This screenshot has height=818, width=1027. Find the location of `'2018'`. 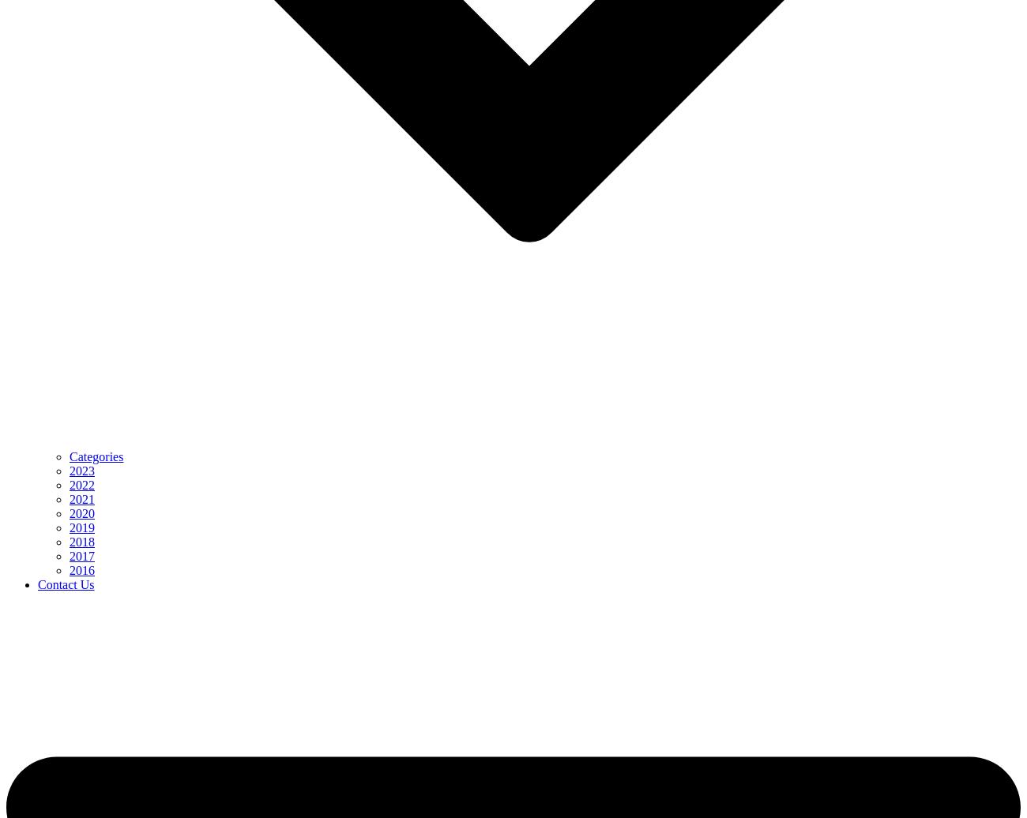

'2018' is located at coordinates (70, 542).